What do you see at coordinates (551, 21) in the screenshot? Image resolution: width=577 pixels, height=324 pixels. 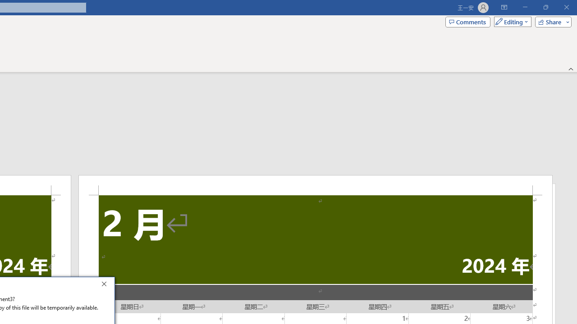 I see `'Share'` at bounding box center [551, 21].